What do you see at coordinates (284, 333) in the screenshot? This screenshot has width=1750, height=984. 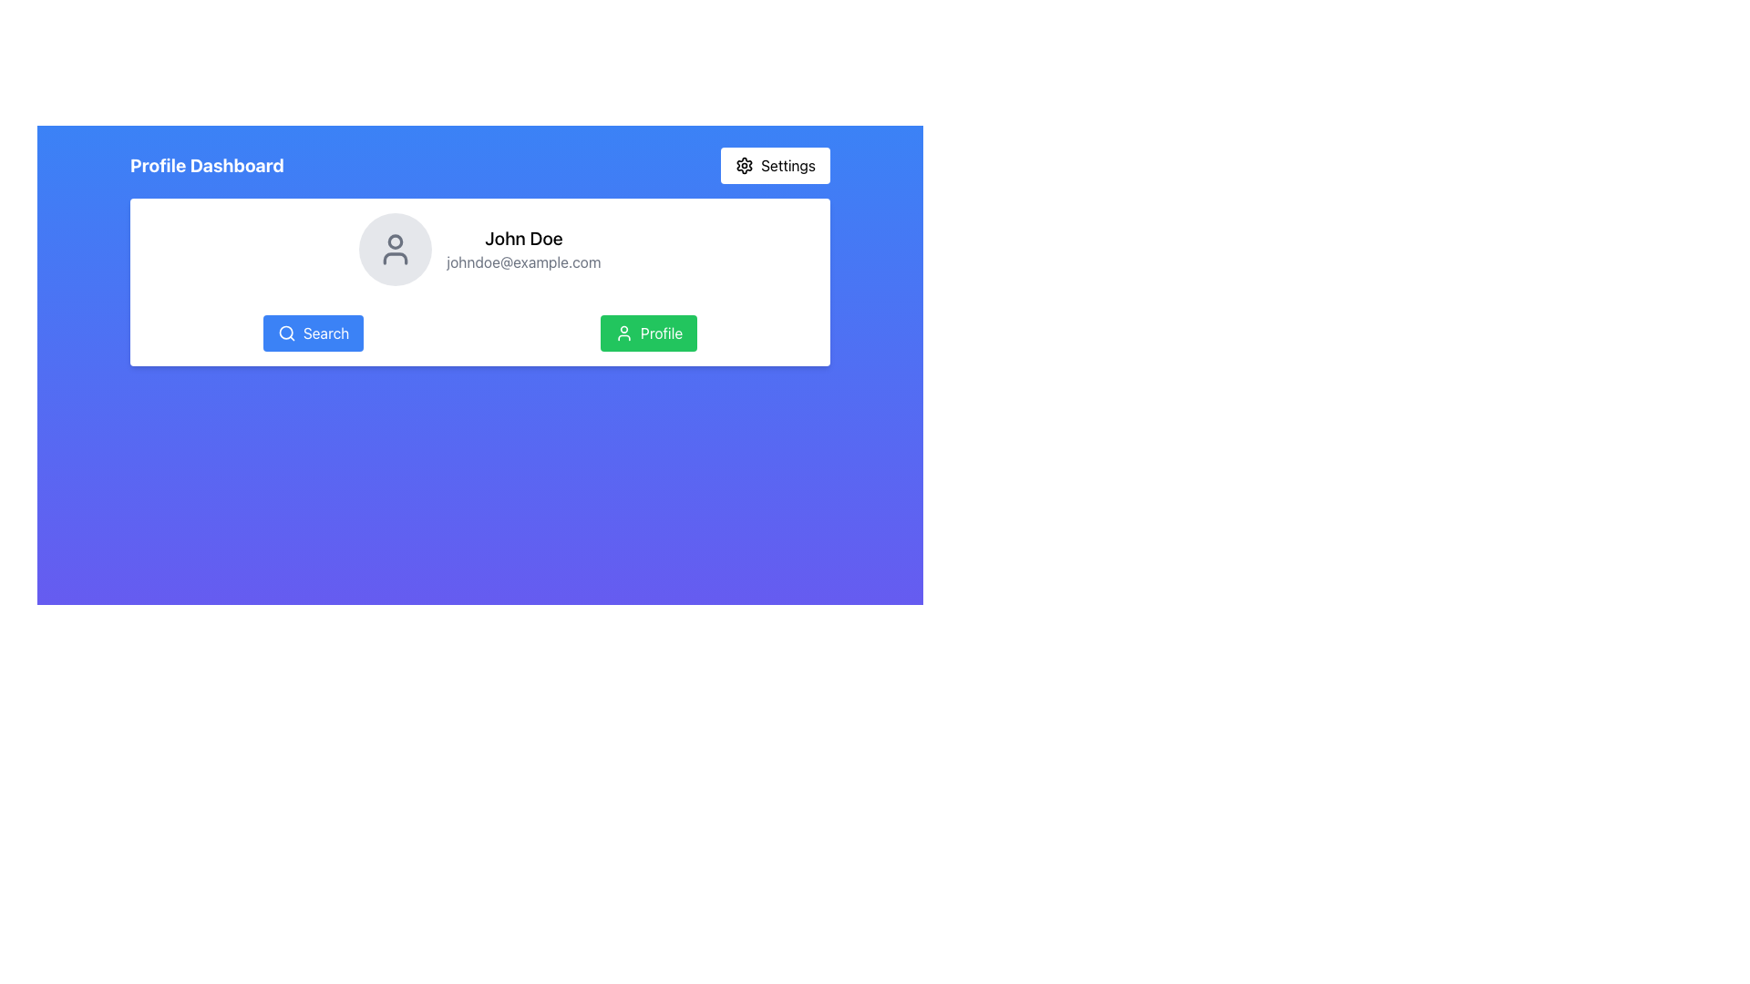 I see `the search icon represented by a magnifying glass, located on the left side below the profile section and alongside the green profile button` at bounding box center [284, 333].